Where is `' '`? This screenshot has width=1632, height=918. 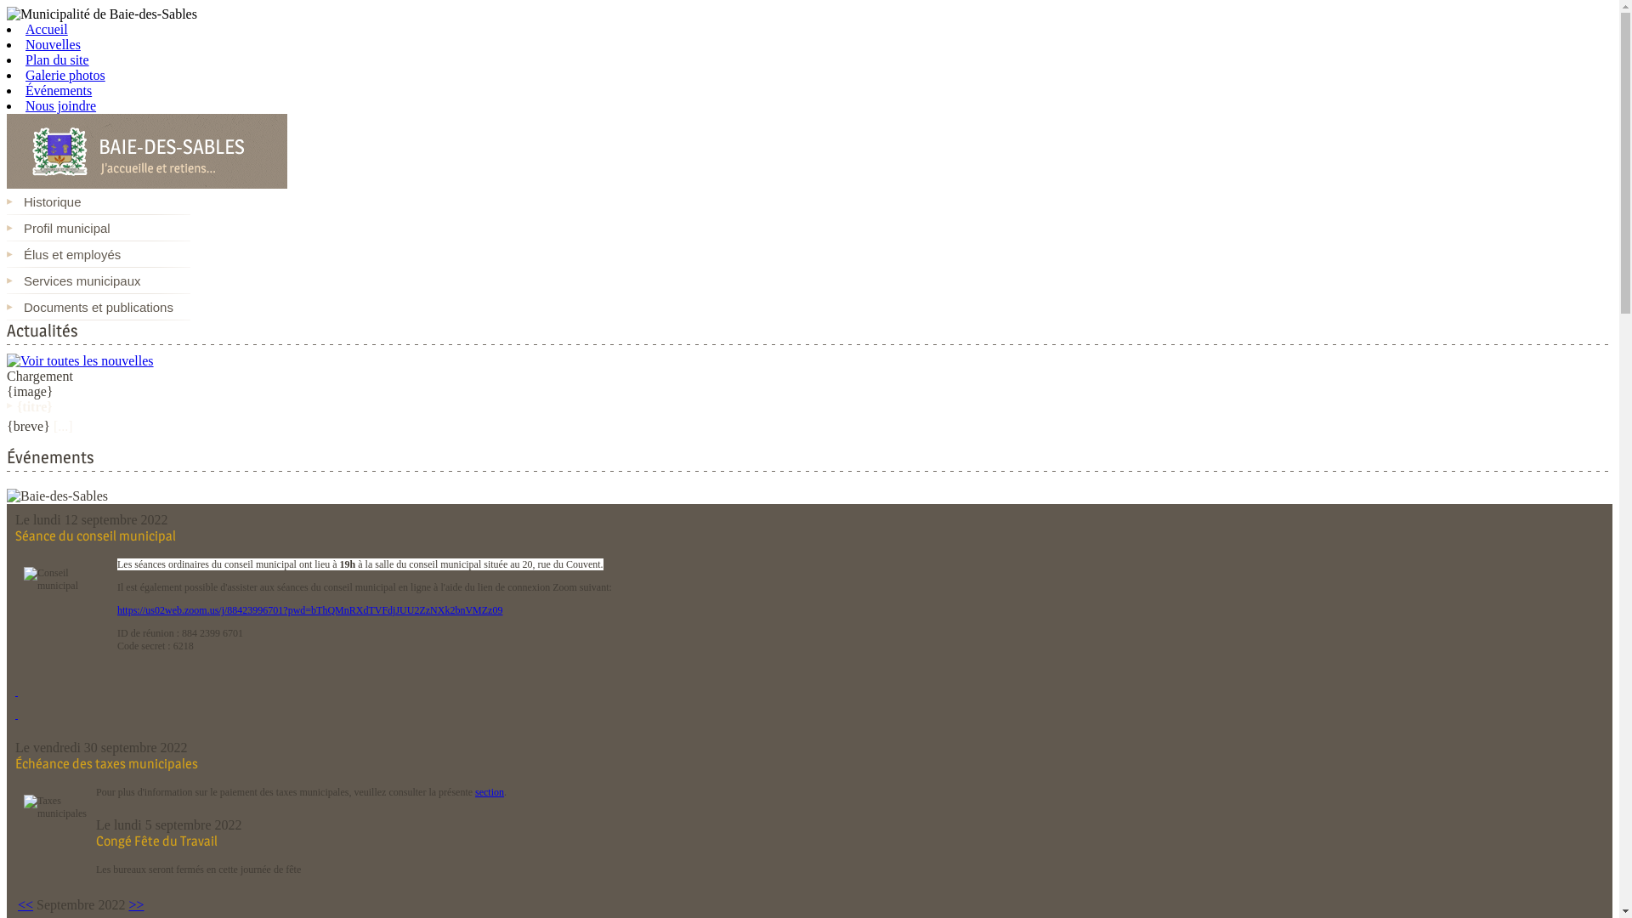 ' ' is located at coordinates (16, 691).